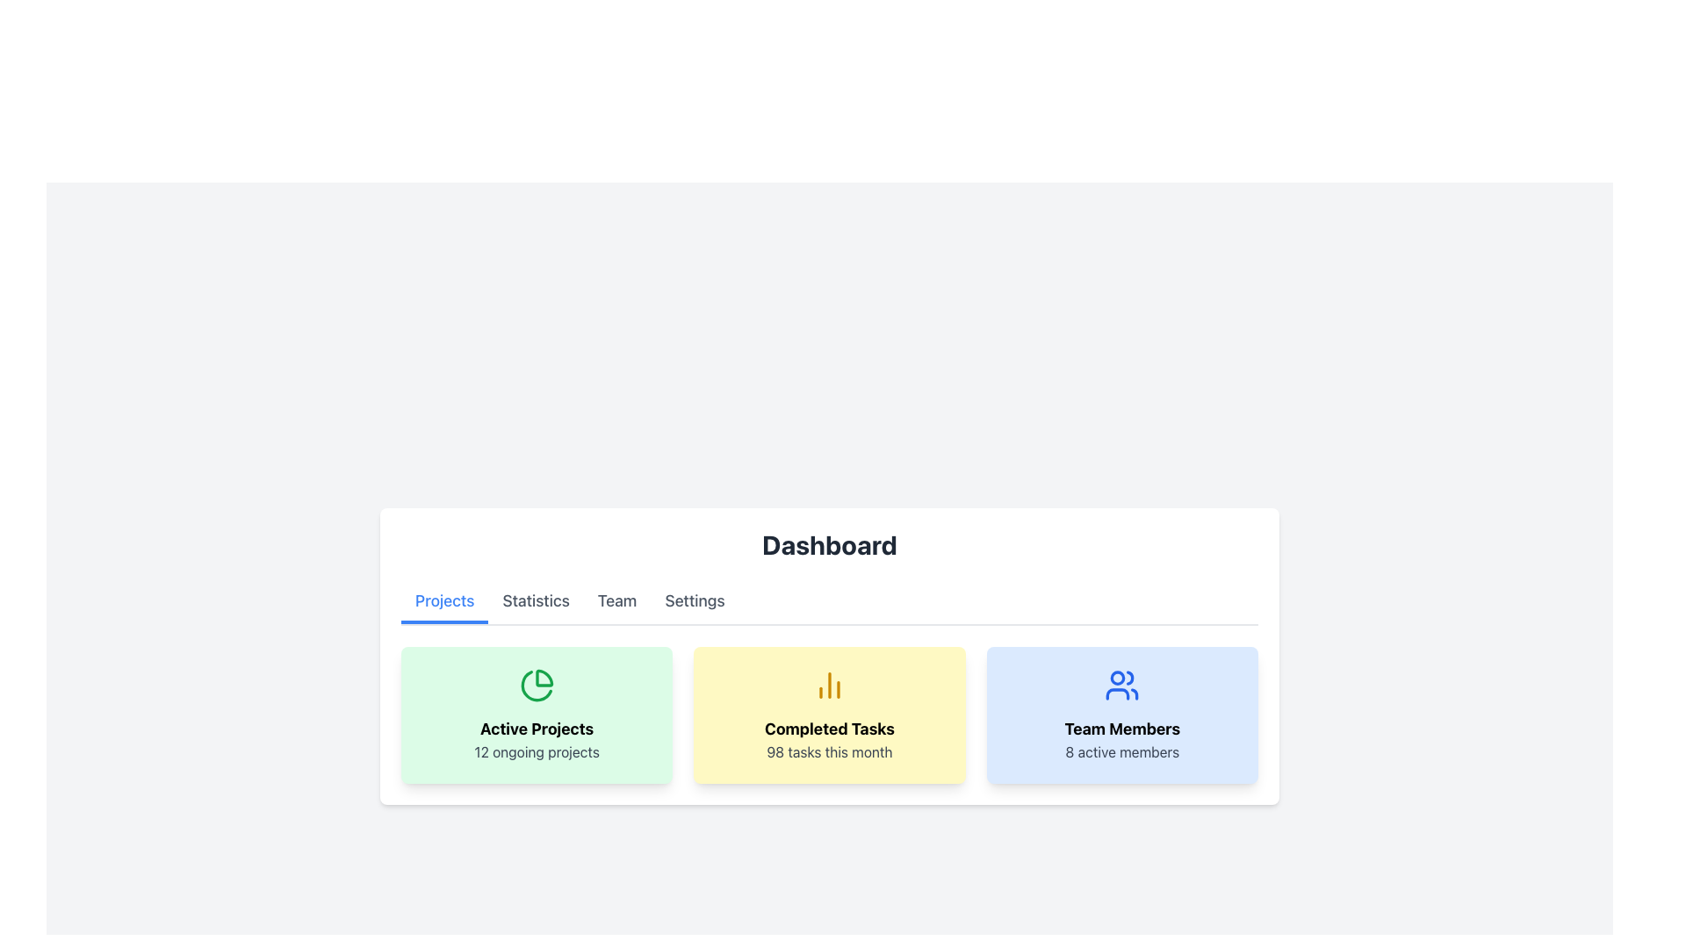 The height and width of the screenshot is (948, 1686). I want to click on text label that displays 'Completed Tasks', which is styled in bold and large font on a yellow card, located at the center top of the card, so click(829, 729).